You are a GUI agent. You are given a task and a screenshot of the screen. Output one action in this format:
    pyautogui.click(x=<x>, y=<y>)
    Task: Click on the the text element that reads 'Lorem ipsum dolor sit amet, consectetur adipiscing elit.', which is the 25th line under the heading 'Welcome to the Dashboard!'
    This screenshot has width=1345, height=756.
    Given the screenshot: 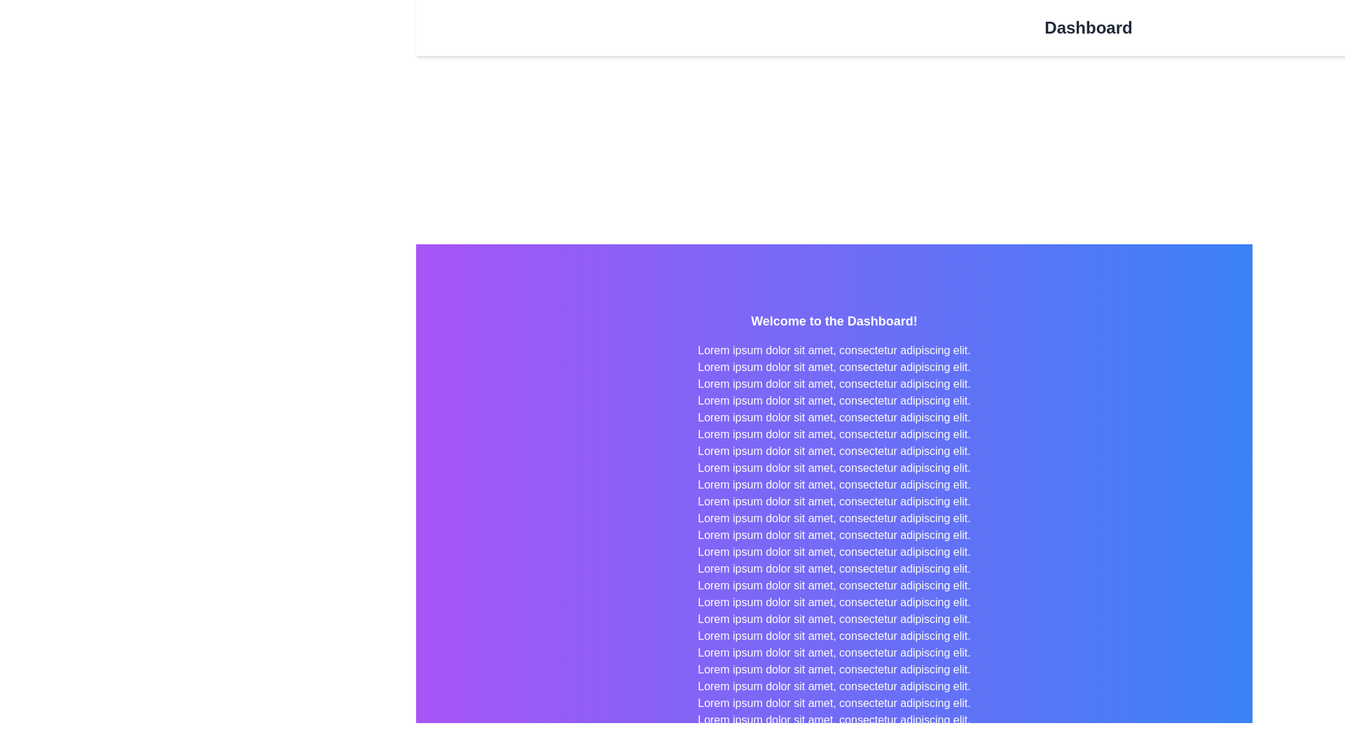 What is the action you would take?
    pyautogui.click(x=834, y=720)
    